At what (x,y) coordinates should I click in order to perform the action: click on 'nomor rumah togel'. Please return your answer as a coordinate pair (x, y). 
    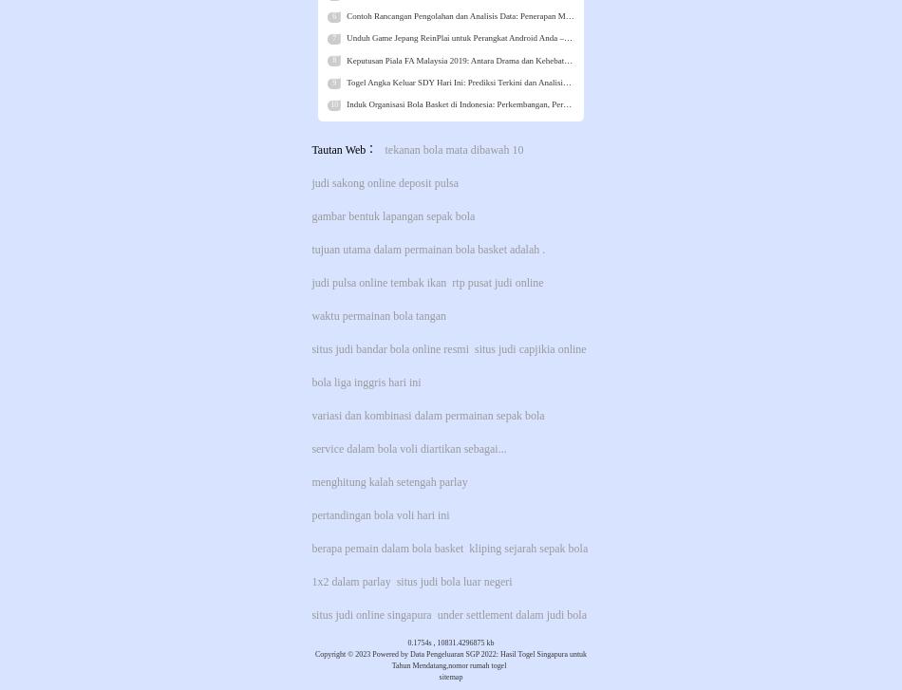
    Looking at the image, I should click on (477, 664).